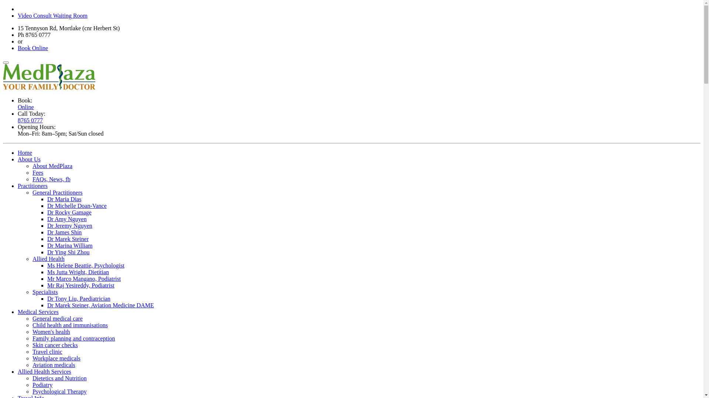 This screenshot has height=398, width=709. I want to click on 'Dr Marina William', so click(70, 245).